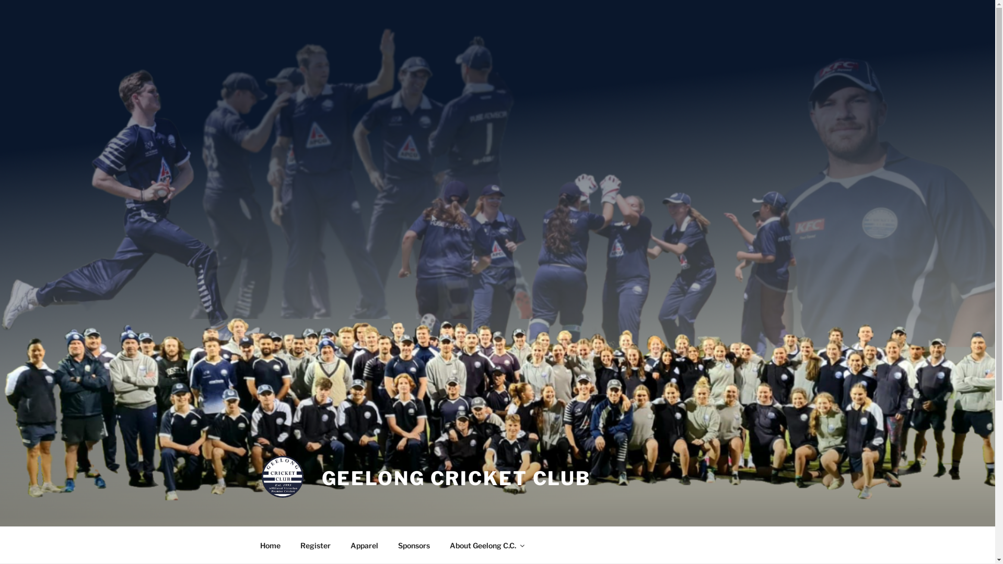 Image resolution: width=1003 pixels, height=564 pixels. What do you see at coordinates (486, 545) in the screenshot?
I see `'About Geelong C.C.'` at bounding box center [486, 545].